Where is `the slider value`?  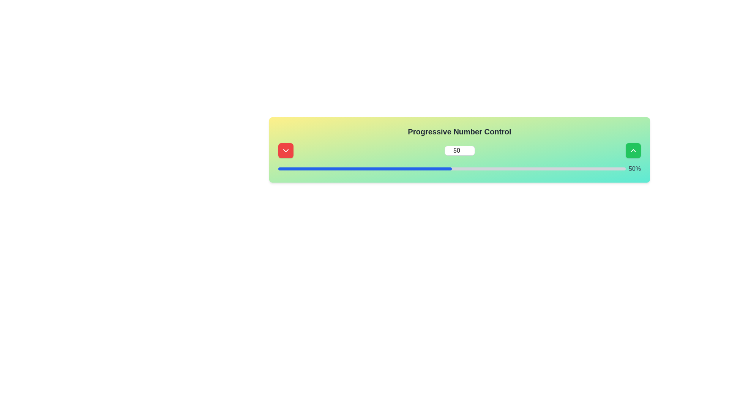 the slider value is located at coordinates (292, 168).